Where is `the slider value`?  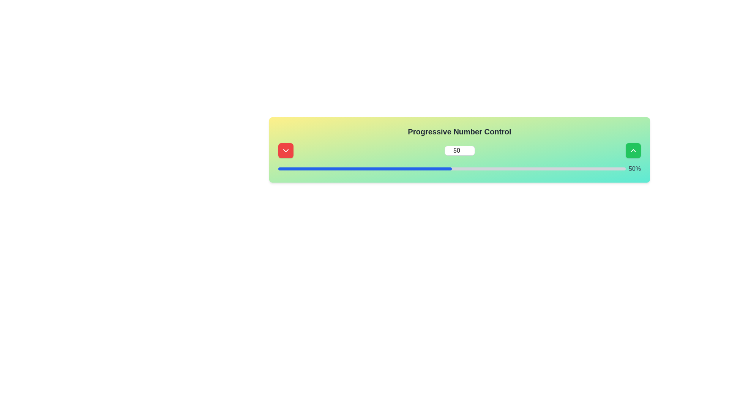 the slider value is located at coordinates (292, 168).